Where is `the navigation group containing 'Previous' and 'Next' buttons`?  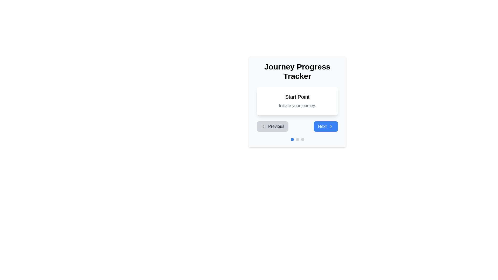 the navigation group containing 'Previous' and 'Next' buttons is located at coordinates (297, 127).